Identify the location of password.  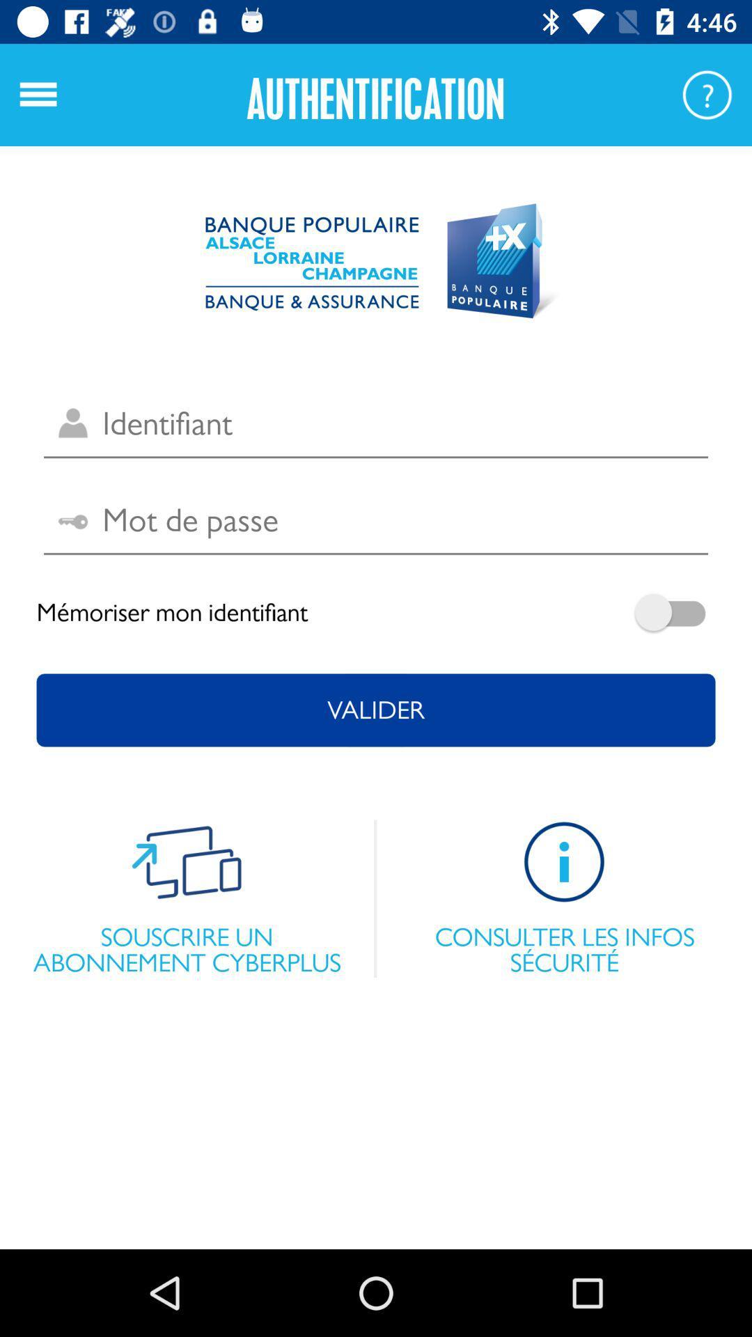
(376, 520).